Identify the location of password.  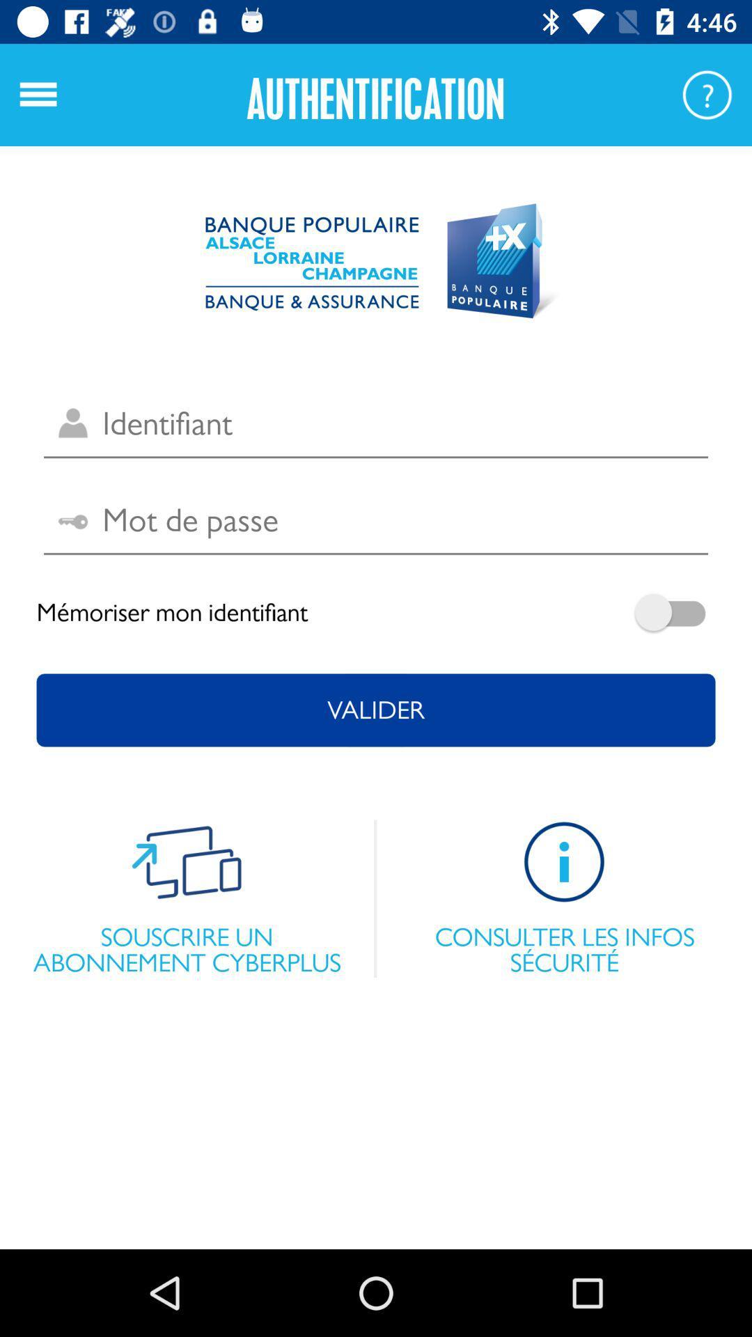
(376, 520).